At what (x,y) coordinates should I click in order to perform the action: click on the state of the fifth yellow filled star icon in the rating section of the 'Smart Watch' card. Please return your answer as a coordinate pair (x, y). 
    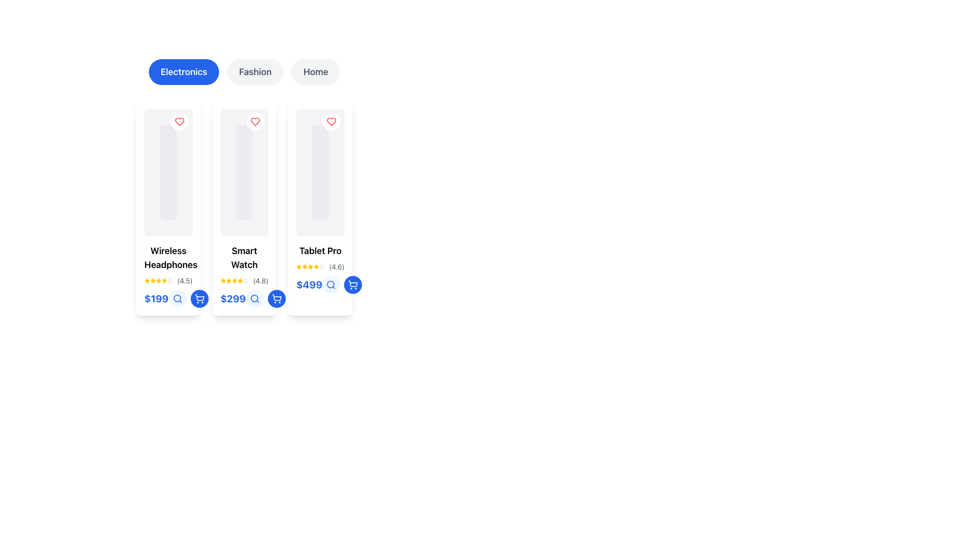
    Looking at the image, I should click on (240, 280).